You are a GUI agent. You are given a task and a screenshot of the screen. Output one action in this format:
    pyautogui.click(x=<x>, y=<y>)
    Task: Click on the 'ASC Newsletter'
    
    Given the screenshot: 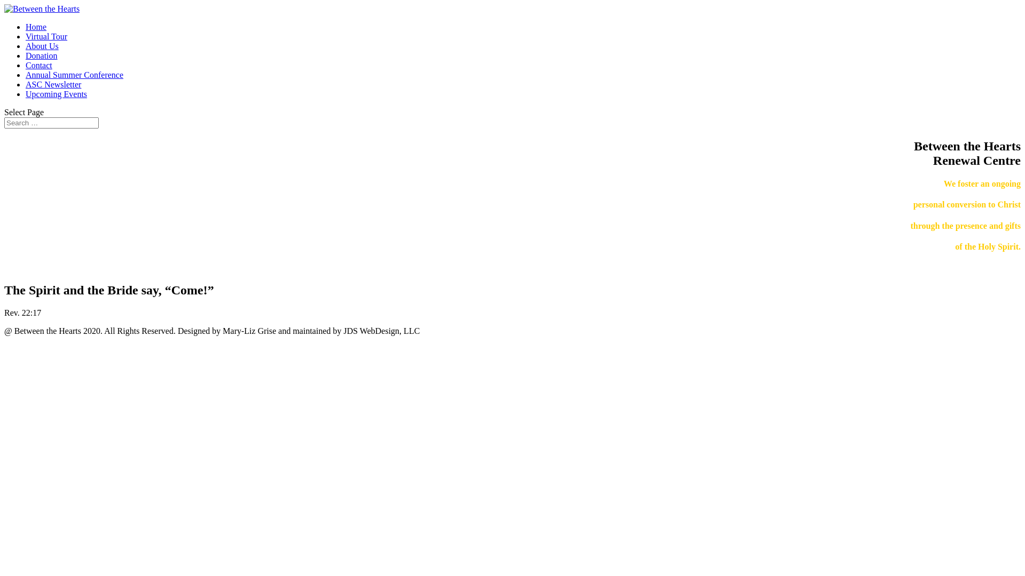 What is the action you would take?
    pyautogui.click(x=53, y=84)
    